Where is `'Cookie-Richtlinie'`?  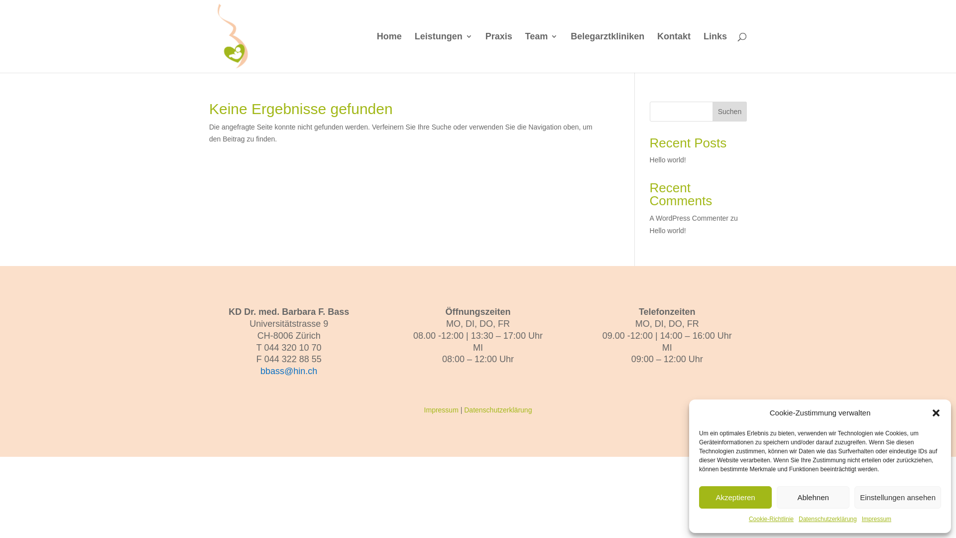
'Cookie-Richtlinie' is located at coordinates (771, 519).